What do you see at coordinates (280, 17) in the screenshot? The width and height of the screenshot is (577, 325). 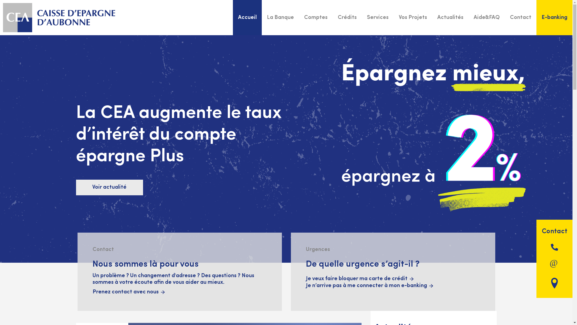 I see `'La Banque'` at bounding box center [280, 17].